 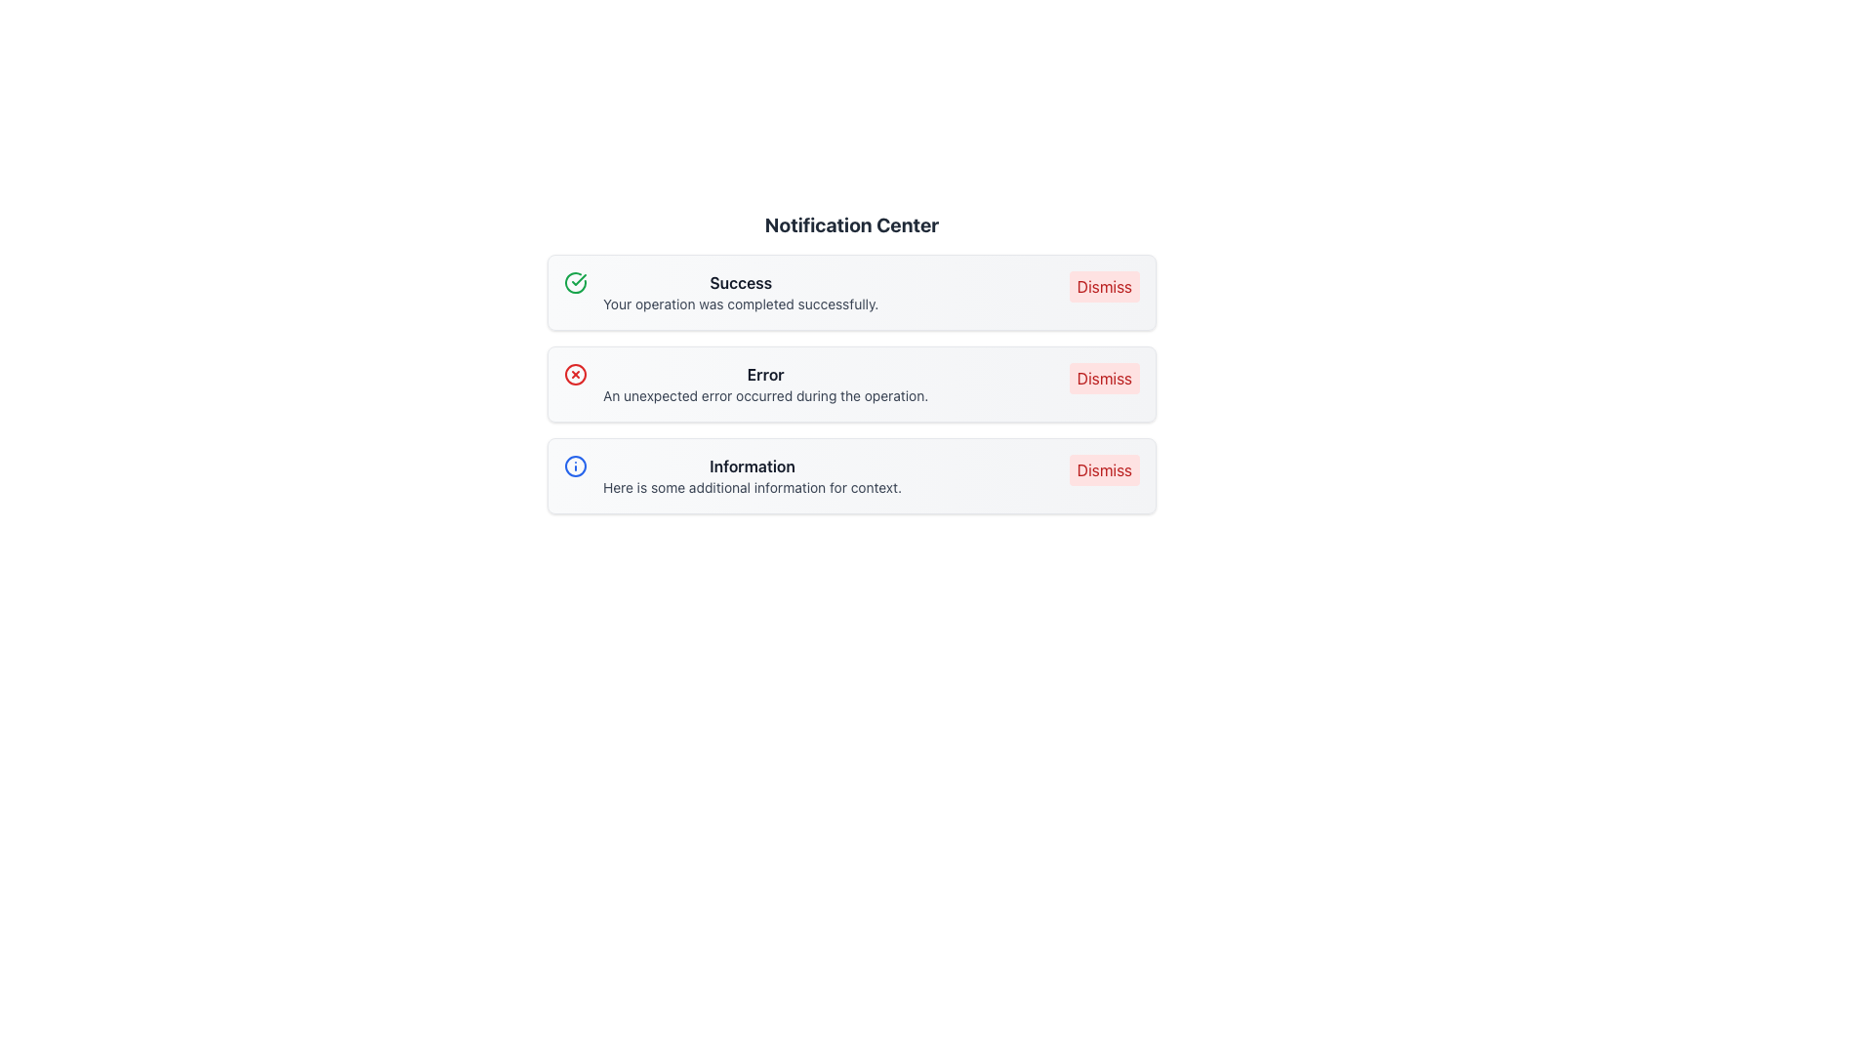 What do you see at coordinates (1104, 379) in the screenshot?
I see `the dismiss button located on the right-hand side of the notification labeled 'Error'` at bounding box center [1104, 379].